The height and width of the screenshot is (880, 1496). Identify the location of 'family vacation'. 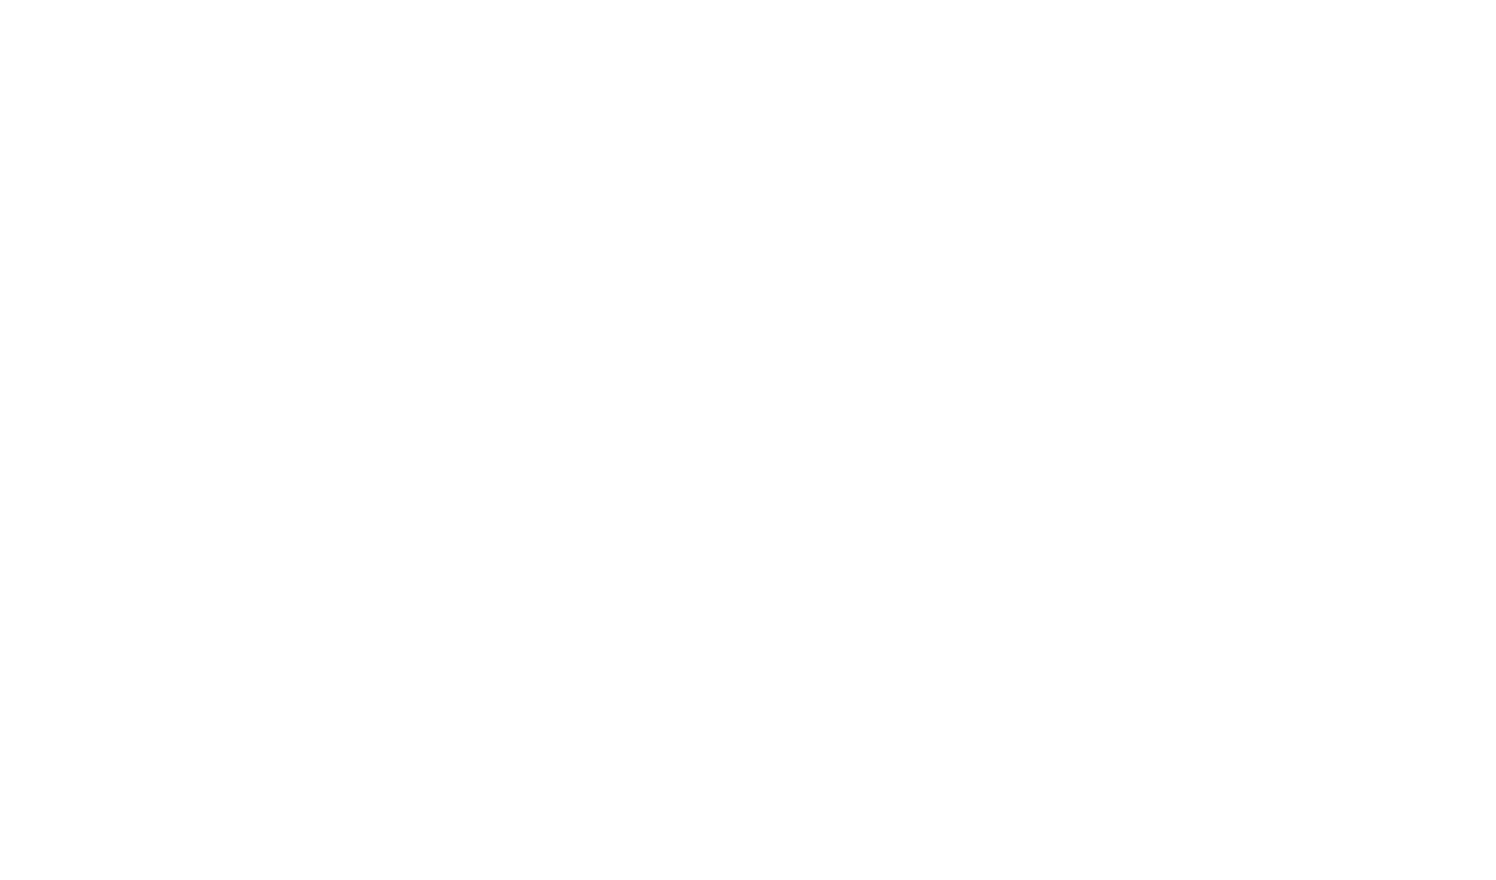
(763, 676).